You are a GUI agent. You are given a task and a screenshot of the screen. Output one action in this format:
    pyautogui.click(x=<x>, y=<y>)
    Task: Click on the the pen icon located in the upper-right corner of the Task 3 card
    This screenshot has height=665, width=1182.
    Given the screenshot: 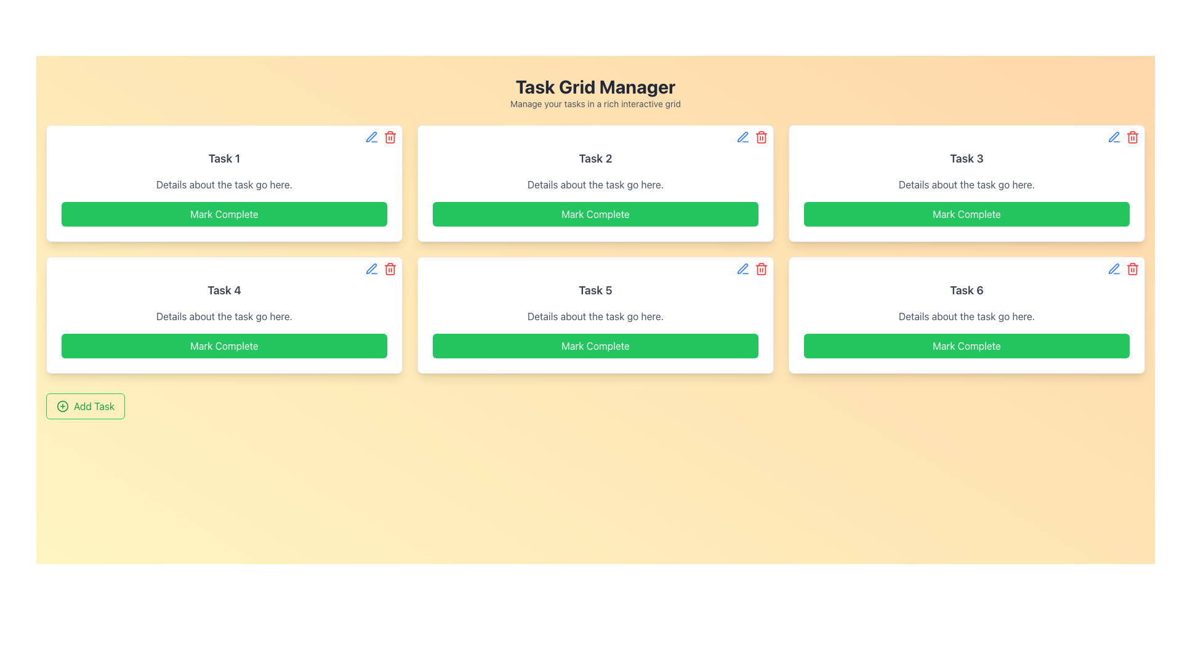 What is the action you would take?
    pyautogui.click(x=1114, y=137)
    